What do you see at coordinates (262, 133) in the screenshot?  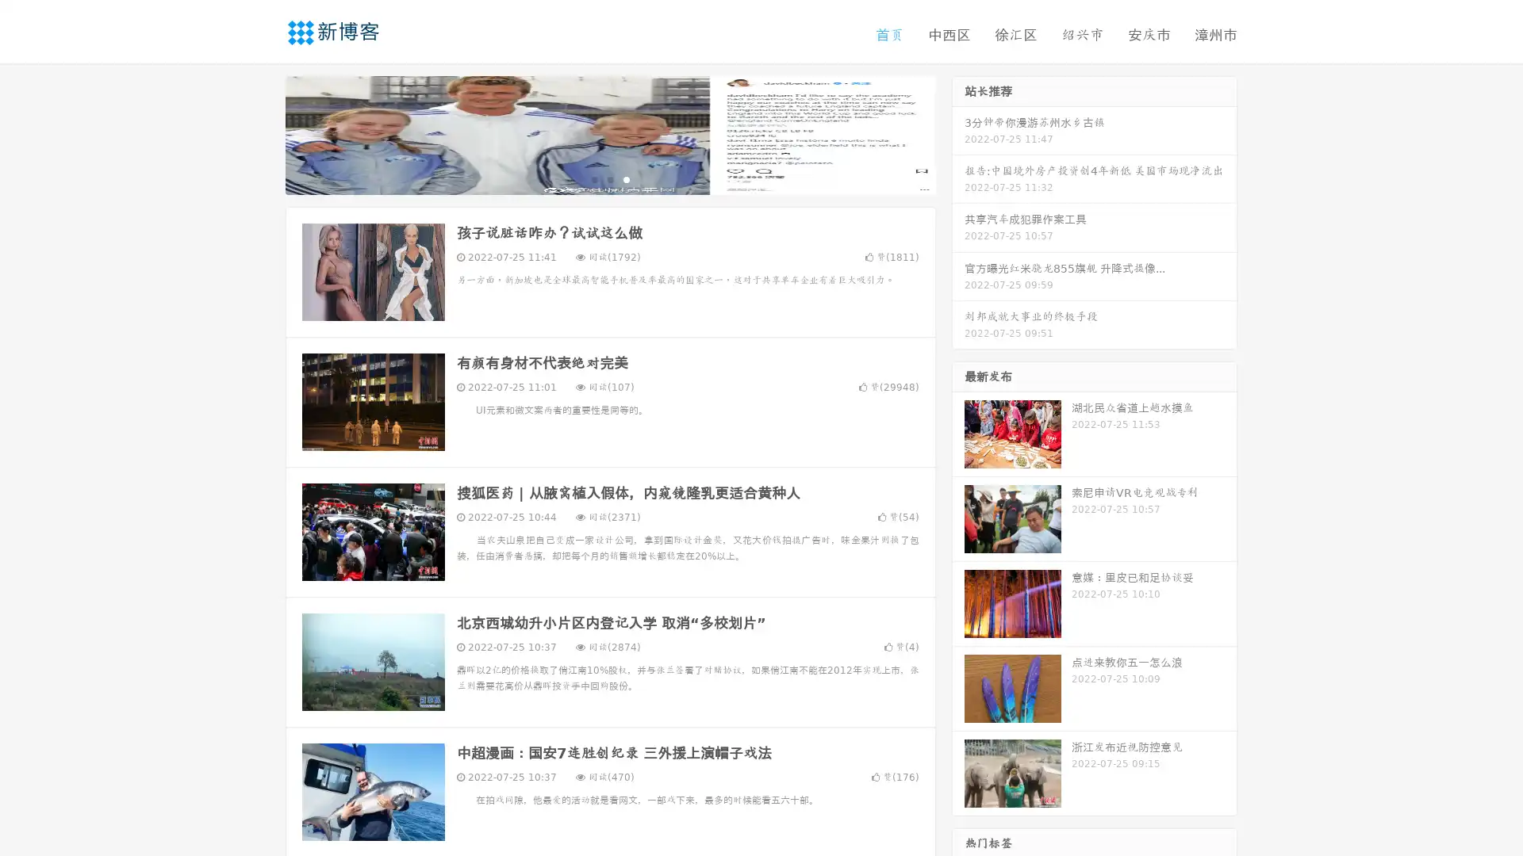 I see `Previous slide` at bounding box center [262, 133].